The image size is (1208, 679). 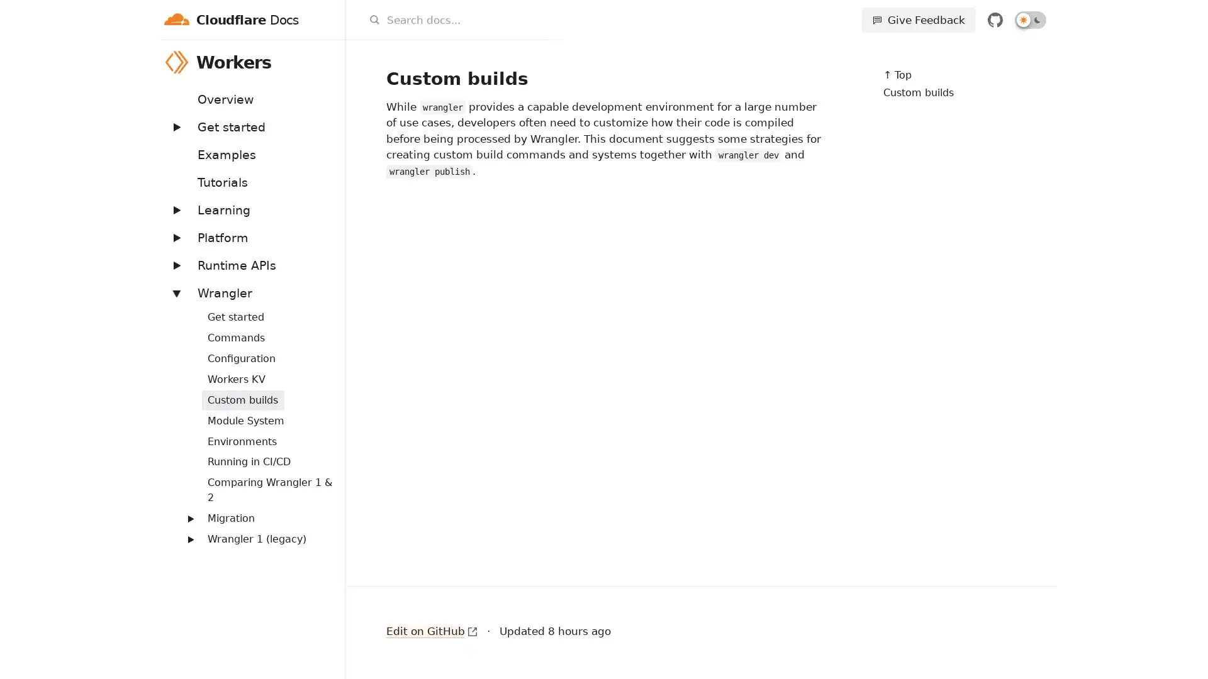 What do you see at coordinates (189, 538) in the screenshot?
I see `Expand: Wrangler 1 (legacy)` at bounding box center [189, 538].